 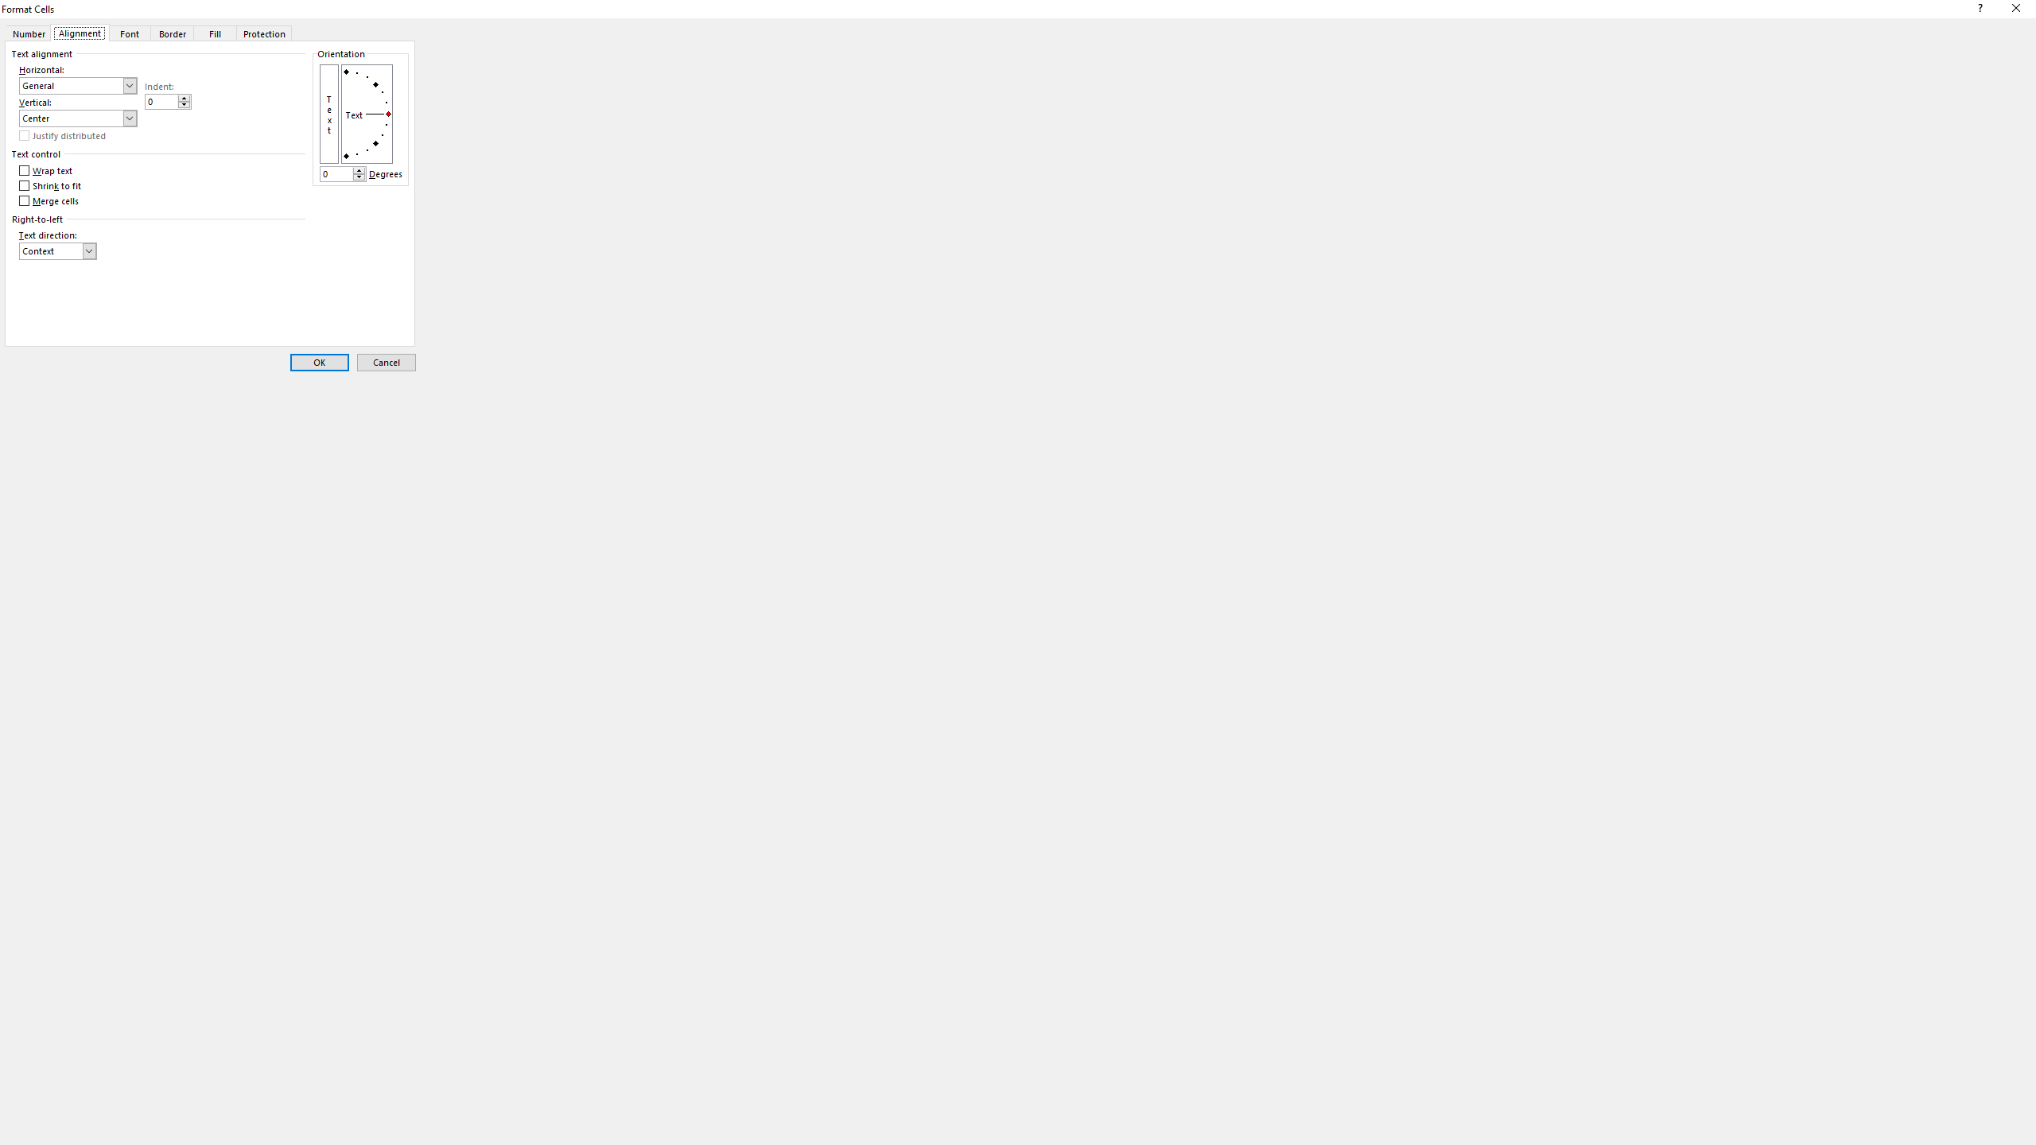 What do you see at coordinates (386, 362) in the screenshot?
I see `'Cancel'` at bounding box center [386, 362].